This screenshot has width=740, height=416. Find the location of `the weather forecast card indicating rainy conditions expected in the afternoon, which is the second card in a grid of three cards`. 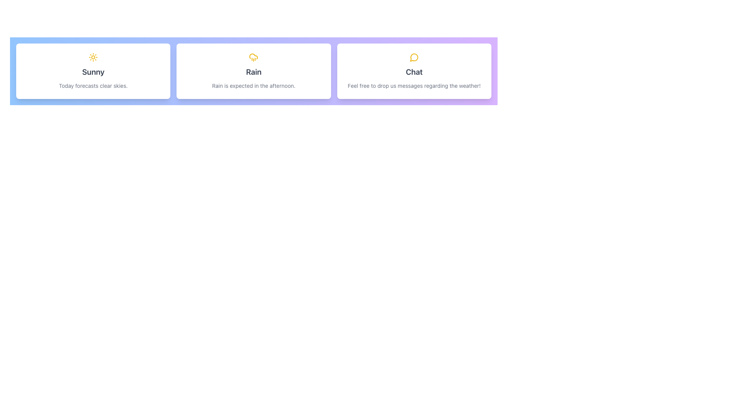

the weather forecast card indicating rainy conditions expected in the afternoon, which is the second card in a grid of three cards is located at coordinates (254, 71).